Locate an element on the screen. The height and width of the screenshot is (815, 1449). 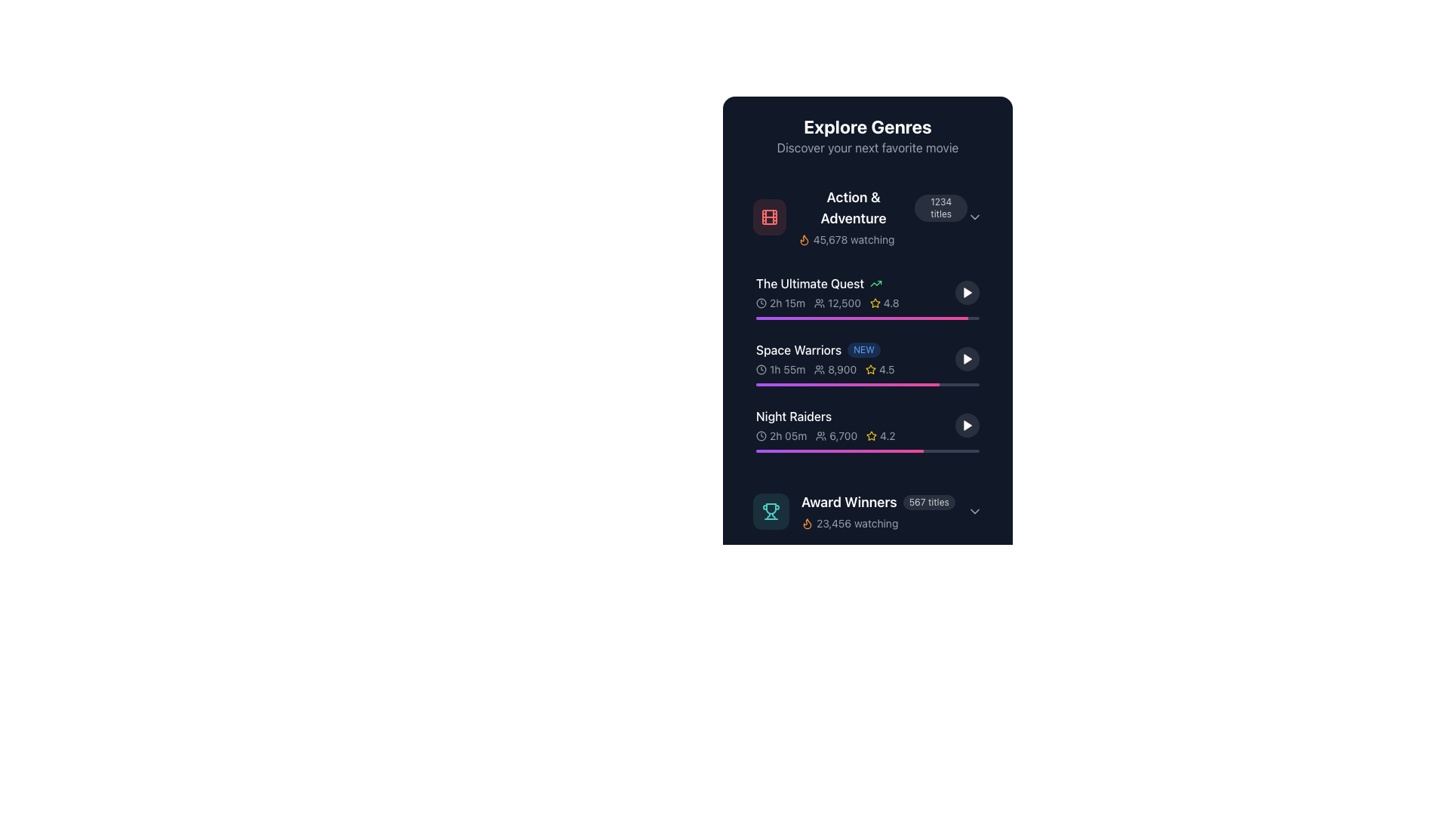
the group icon, which is a light gray SVG element depicting a group of people, positioned to the left of the numerical text '12,500' in the second section titled 'The Ultimate Quest' is located at coordinates (819, 303).